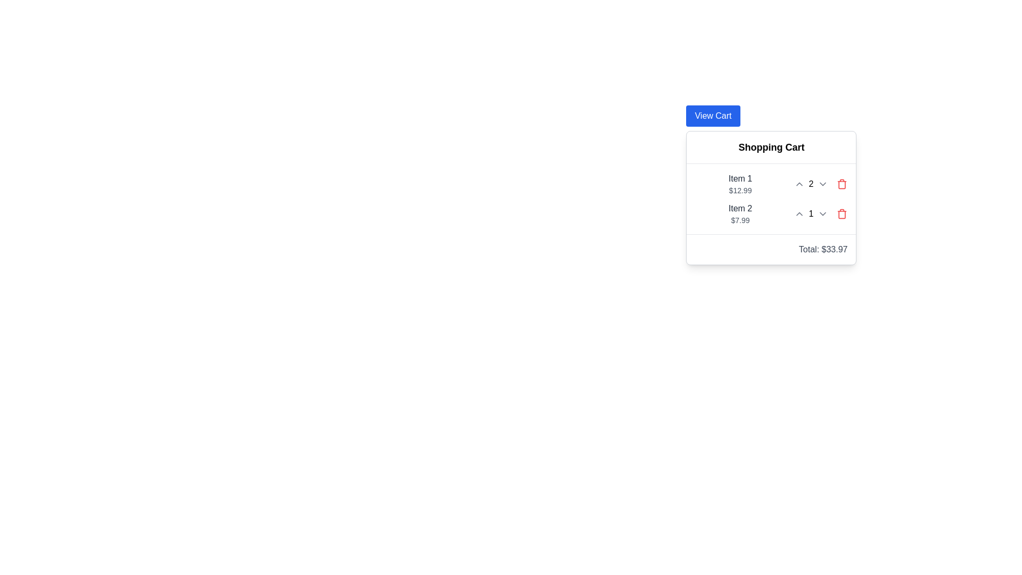 Image resolution: width=1022 pixels, height=575 pixels. Describe the element at coordinates (740, 190) in the screenshot. I see `the text label displaying the price '$12.99' located under 'Item 1' in the shopping cart interface` at that location.